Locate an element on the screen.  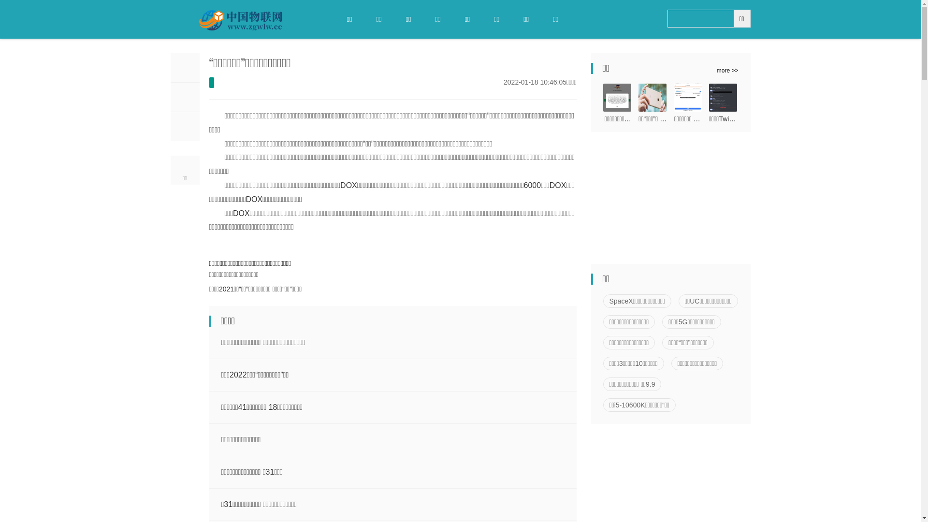
'more >>' is located at coordinates (733, 68).